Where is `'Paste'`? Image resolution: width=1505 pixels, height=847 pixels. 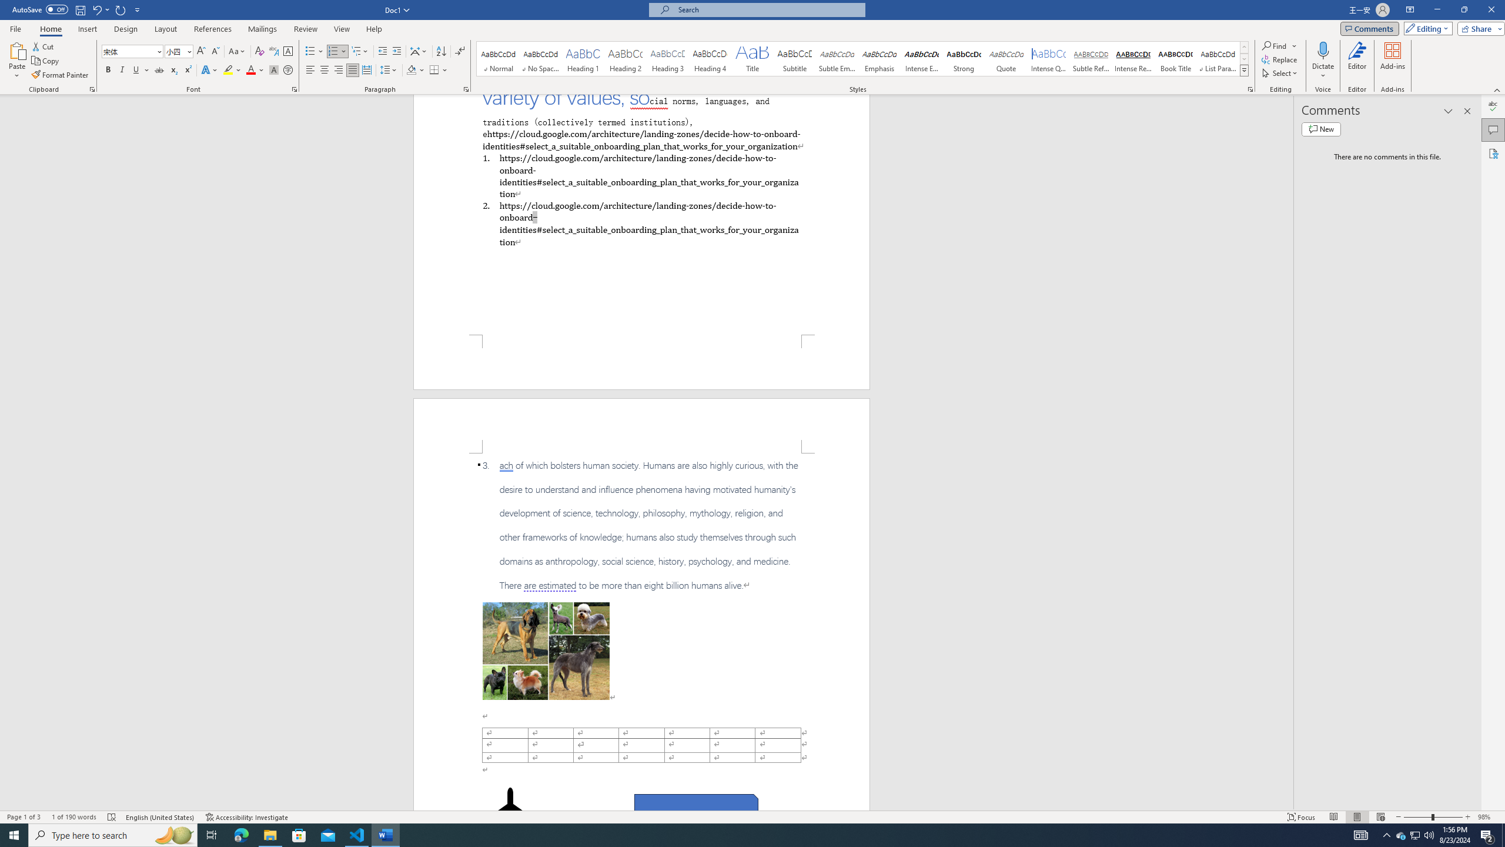
'Paste' is located at coordinates (16, 61).